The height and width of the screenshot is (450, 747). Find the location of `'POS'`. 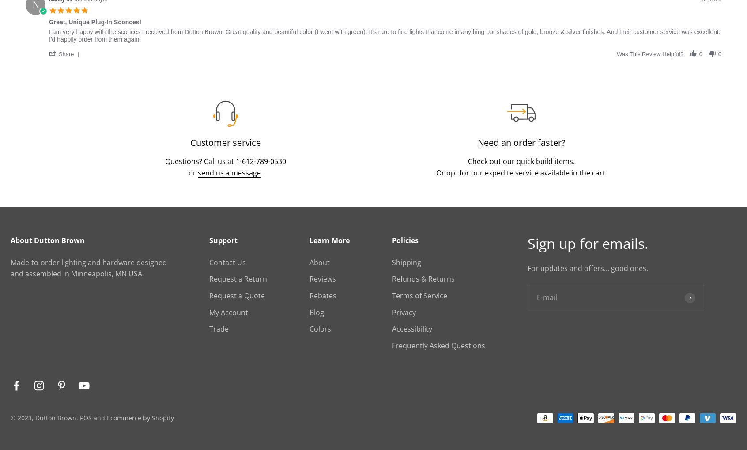

'POS' is located at coordinates (79, 417).